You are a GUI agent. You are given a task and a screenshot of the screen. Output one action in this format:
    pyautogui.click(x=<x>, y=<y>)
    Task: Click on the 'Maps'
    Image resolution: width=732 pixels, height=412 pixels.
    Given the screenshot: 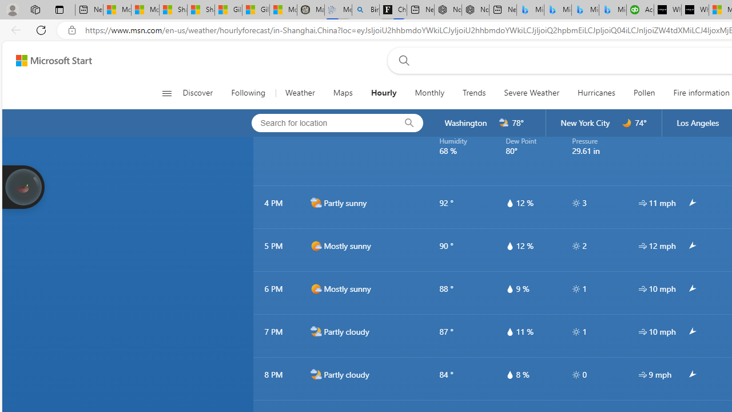 What is the action you would take?
    pyautogui.click(x=342, y=93)
    